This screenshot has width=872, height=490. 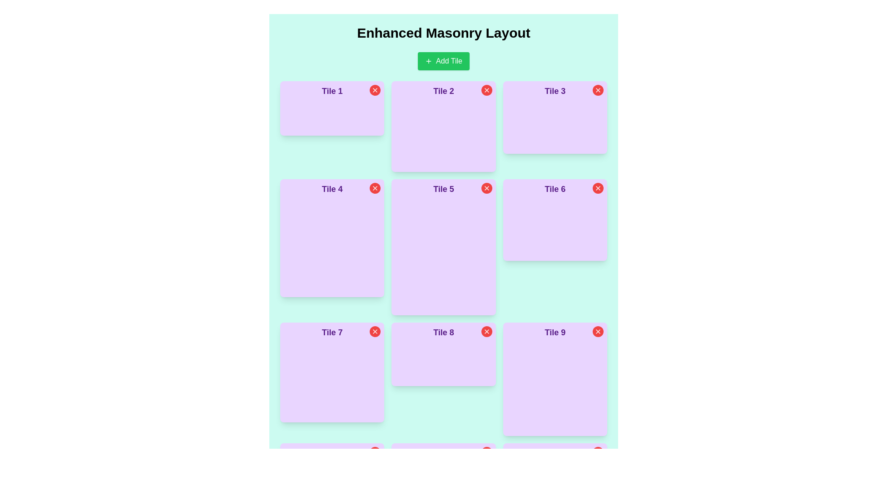 What do you see at coordinates (486, 188) in the screenshot?
I see `the circular button with a red background and white 'X' symbol located` at bounding box center [486, 188].